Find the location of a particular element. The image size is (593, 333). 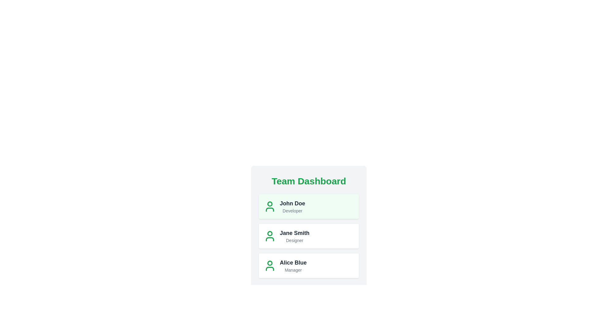

the static text displaying 'John Doe' in bold, black text, which is located in the top card of the 'Team Dashboard' interface, adjacent to the user profile icon is located at coordinates (292, 203).